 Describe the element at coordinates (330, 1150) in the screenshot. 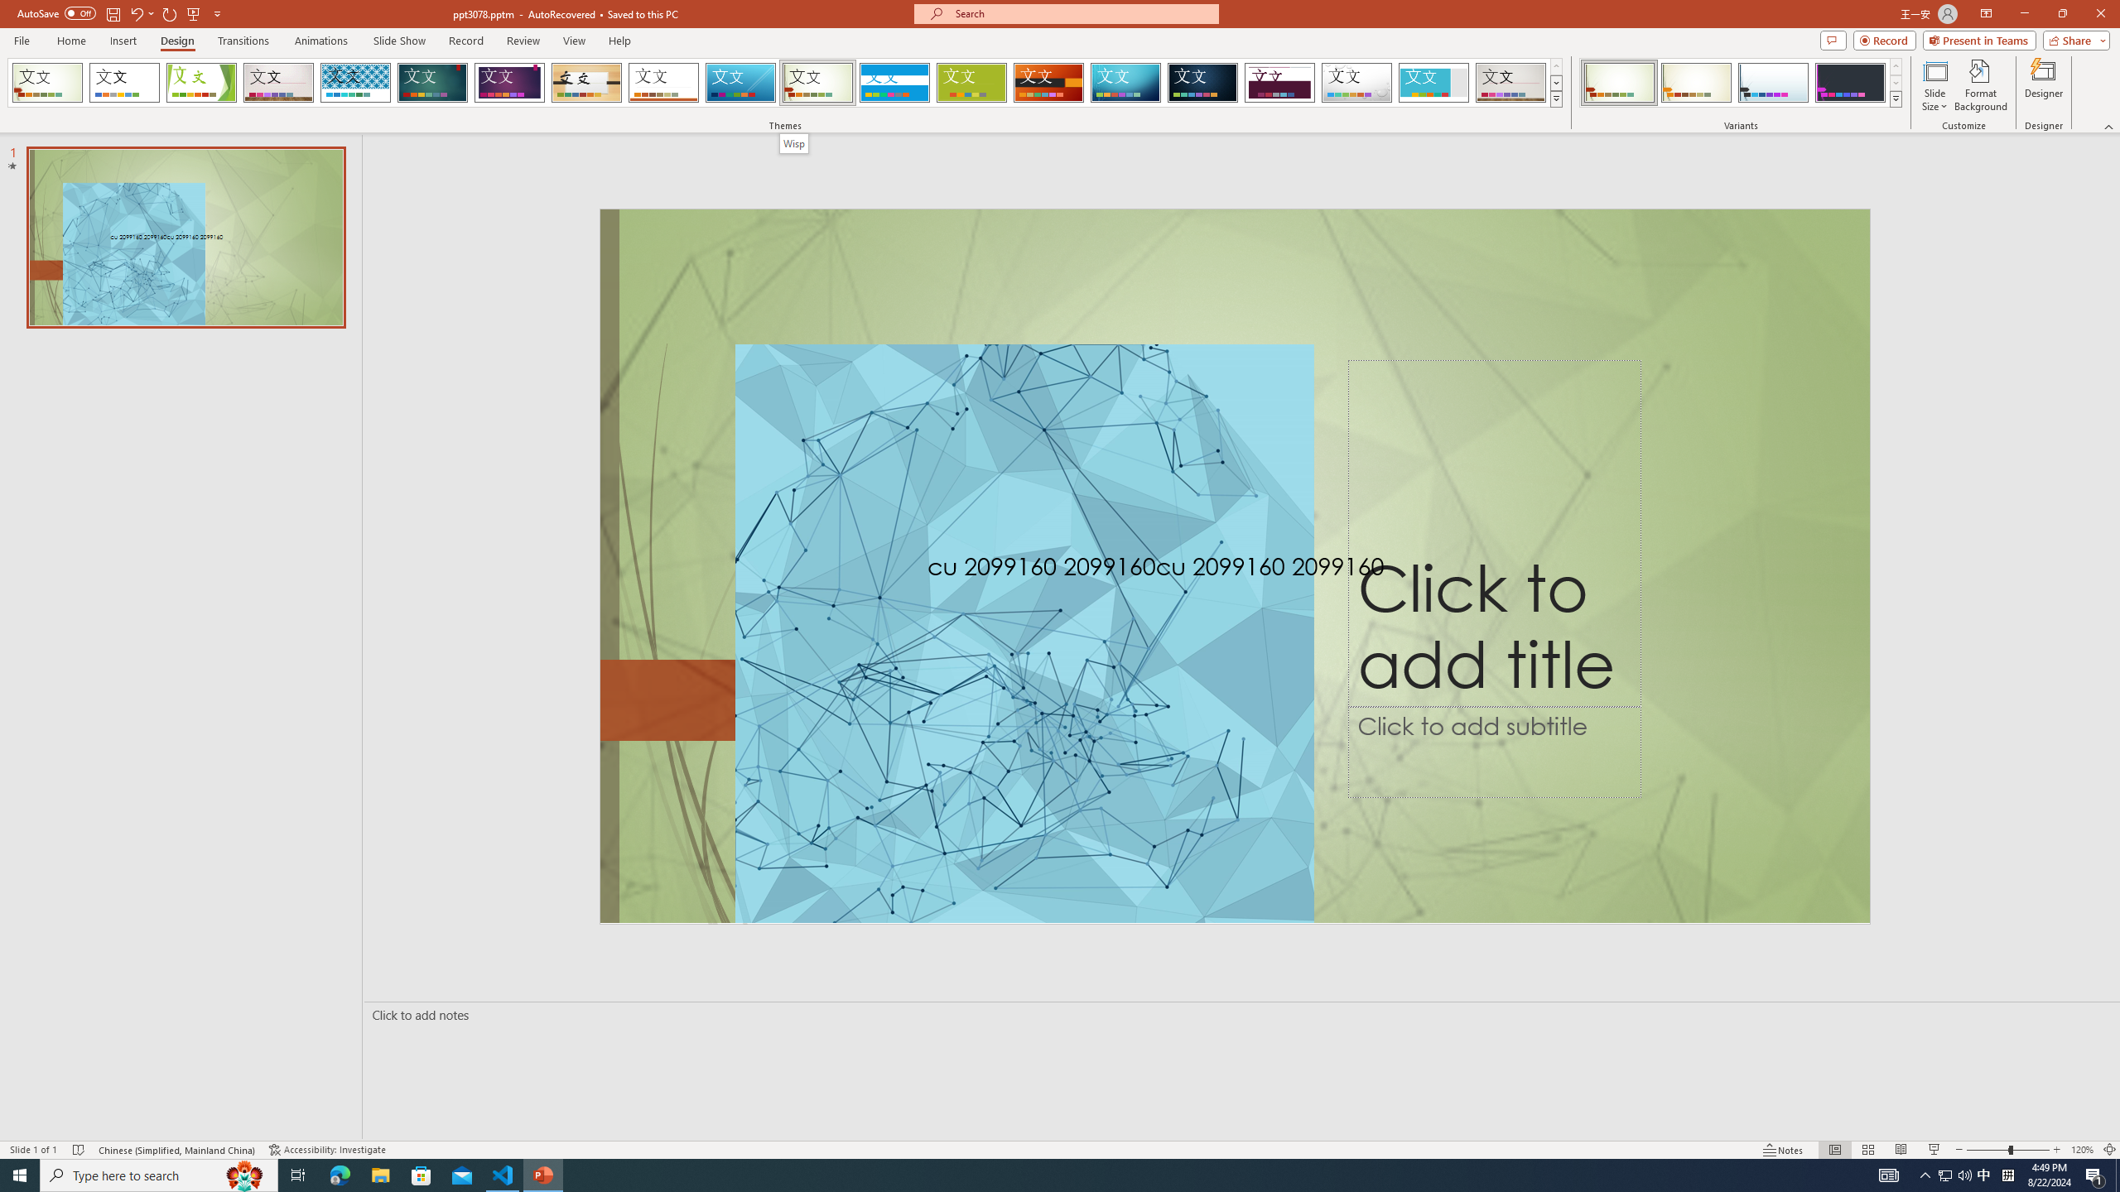

I see `'Accessibility Checker Accessibility: Investigate'` at that location.